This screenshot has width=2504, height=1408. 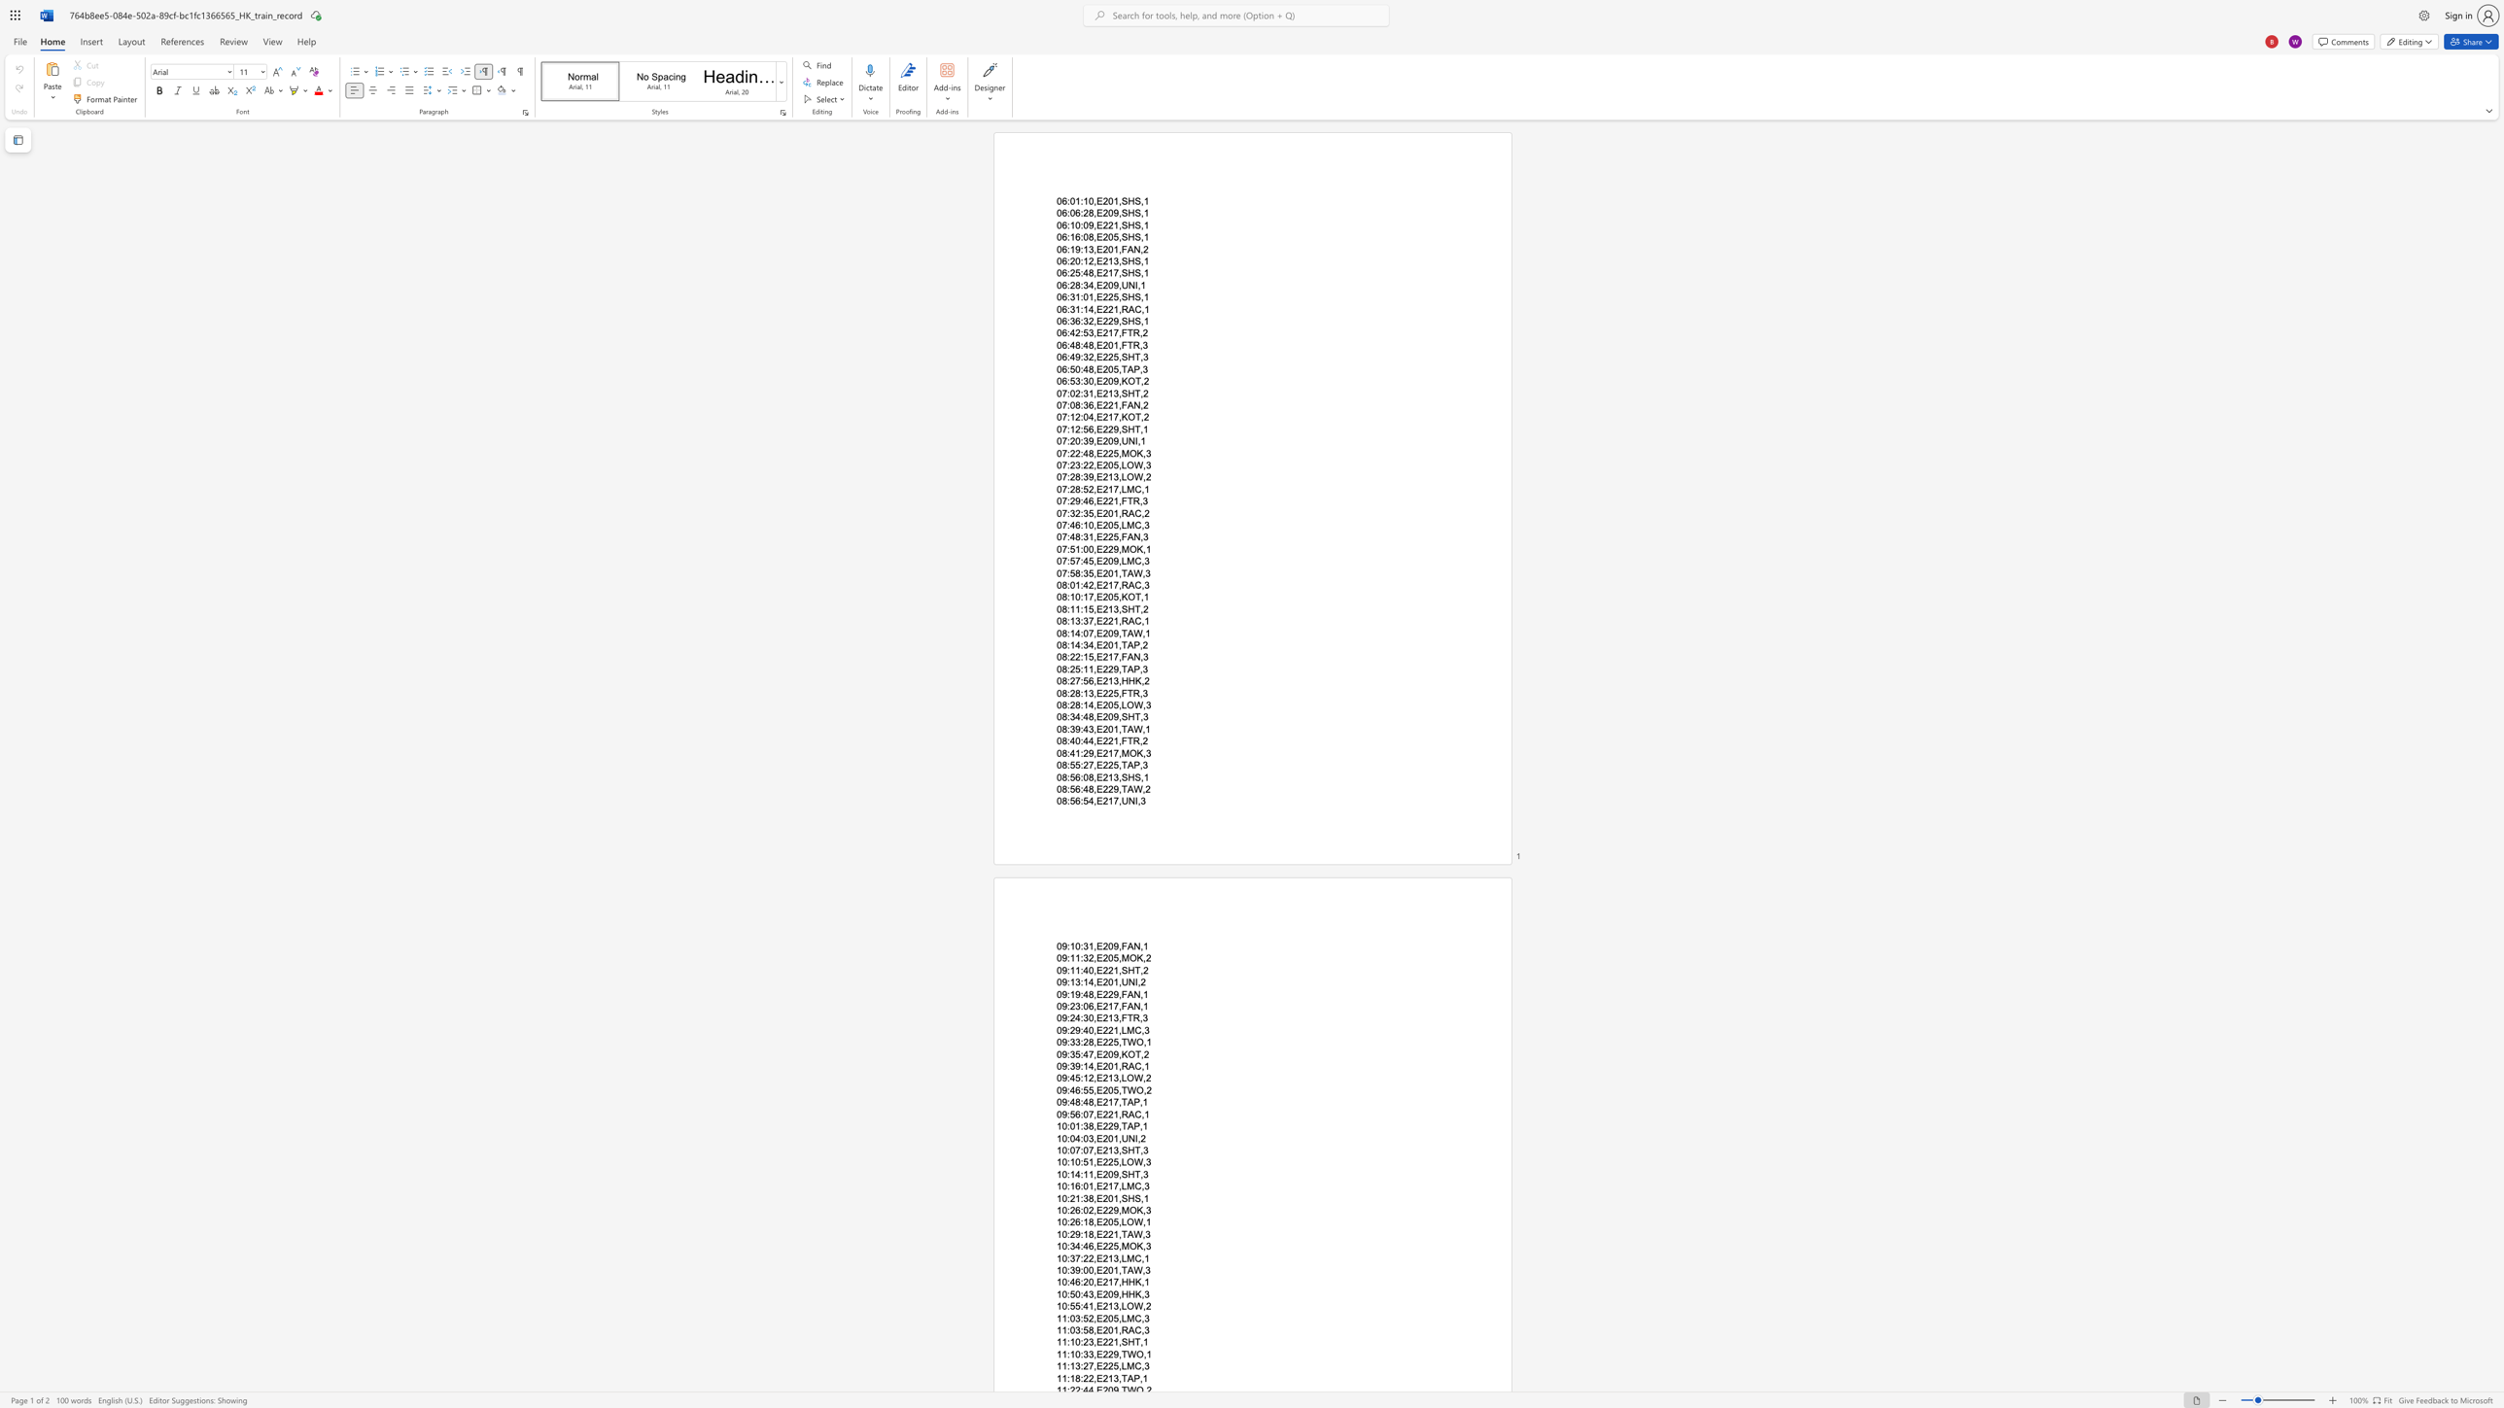 I want to click on the space between the continuous character "5" and "2" in the text, so click(x=1088, y=1318).